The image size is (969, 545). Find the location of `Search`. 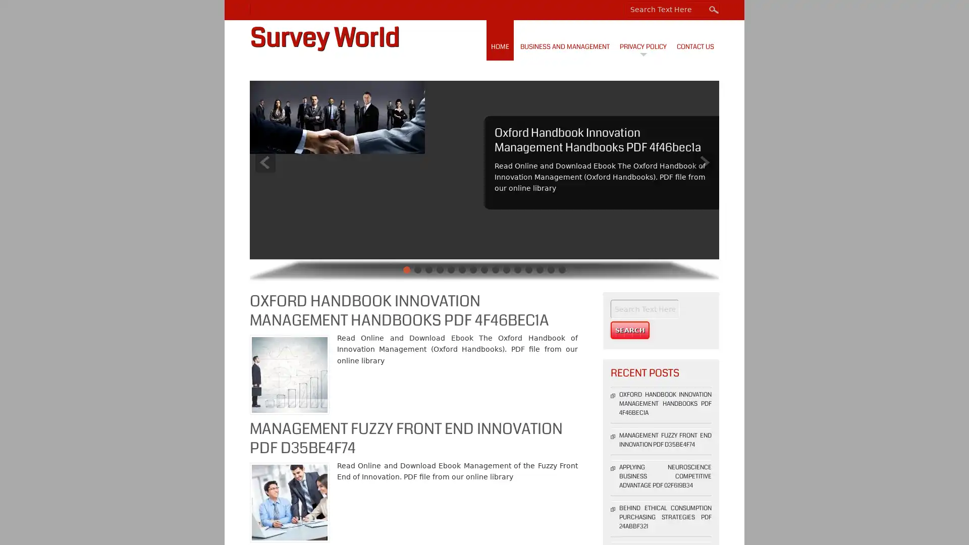

Search is located at coordinates (629, 330).